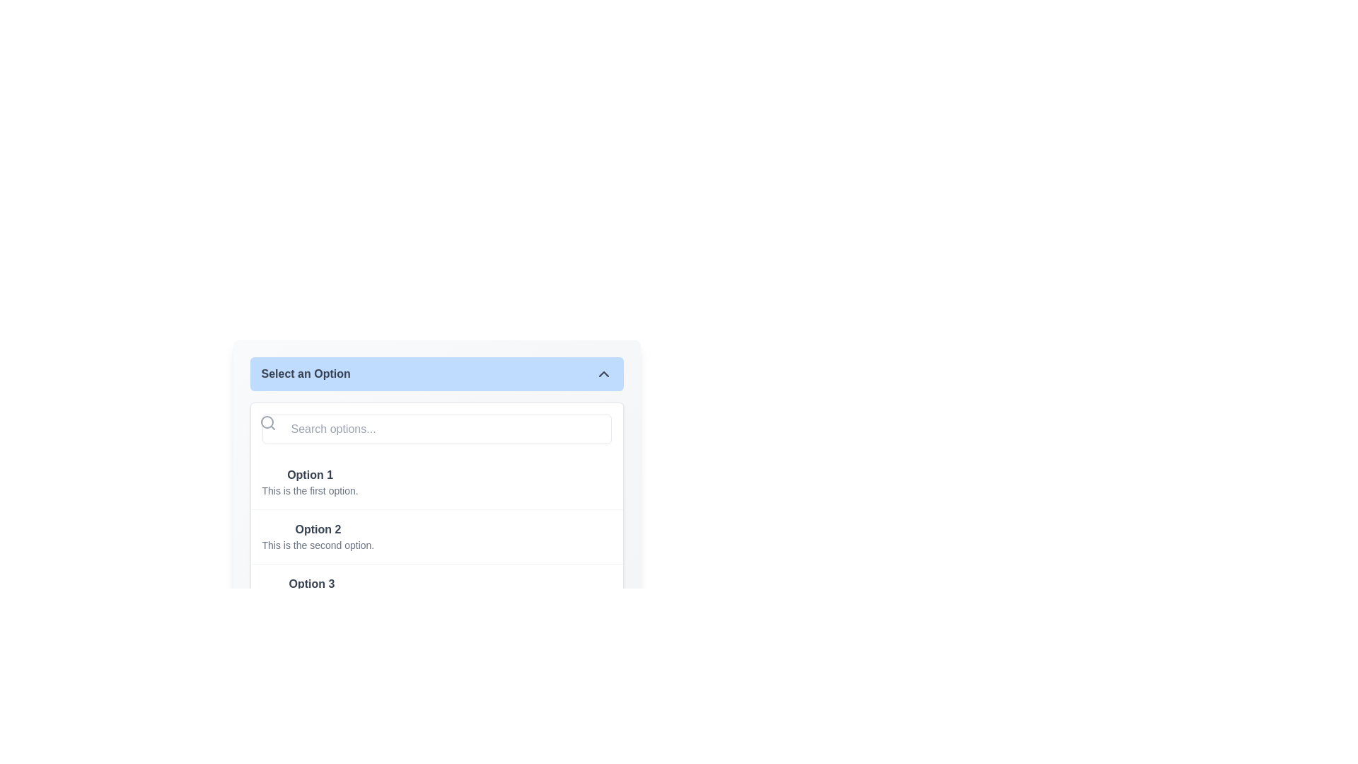 The width and height of the screenshot is (1358, 764). Describe the element at coordinates (317, 545) in the screenshot. I see `the descriptive text element that provides information about 'Option 2', located directly below 'Option 2' in the dropdown menu` at that location.